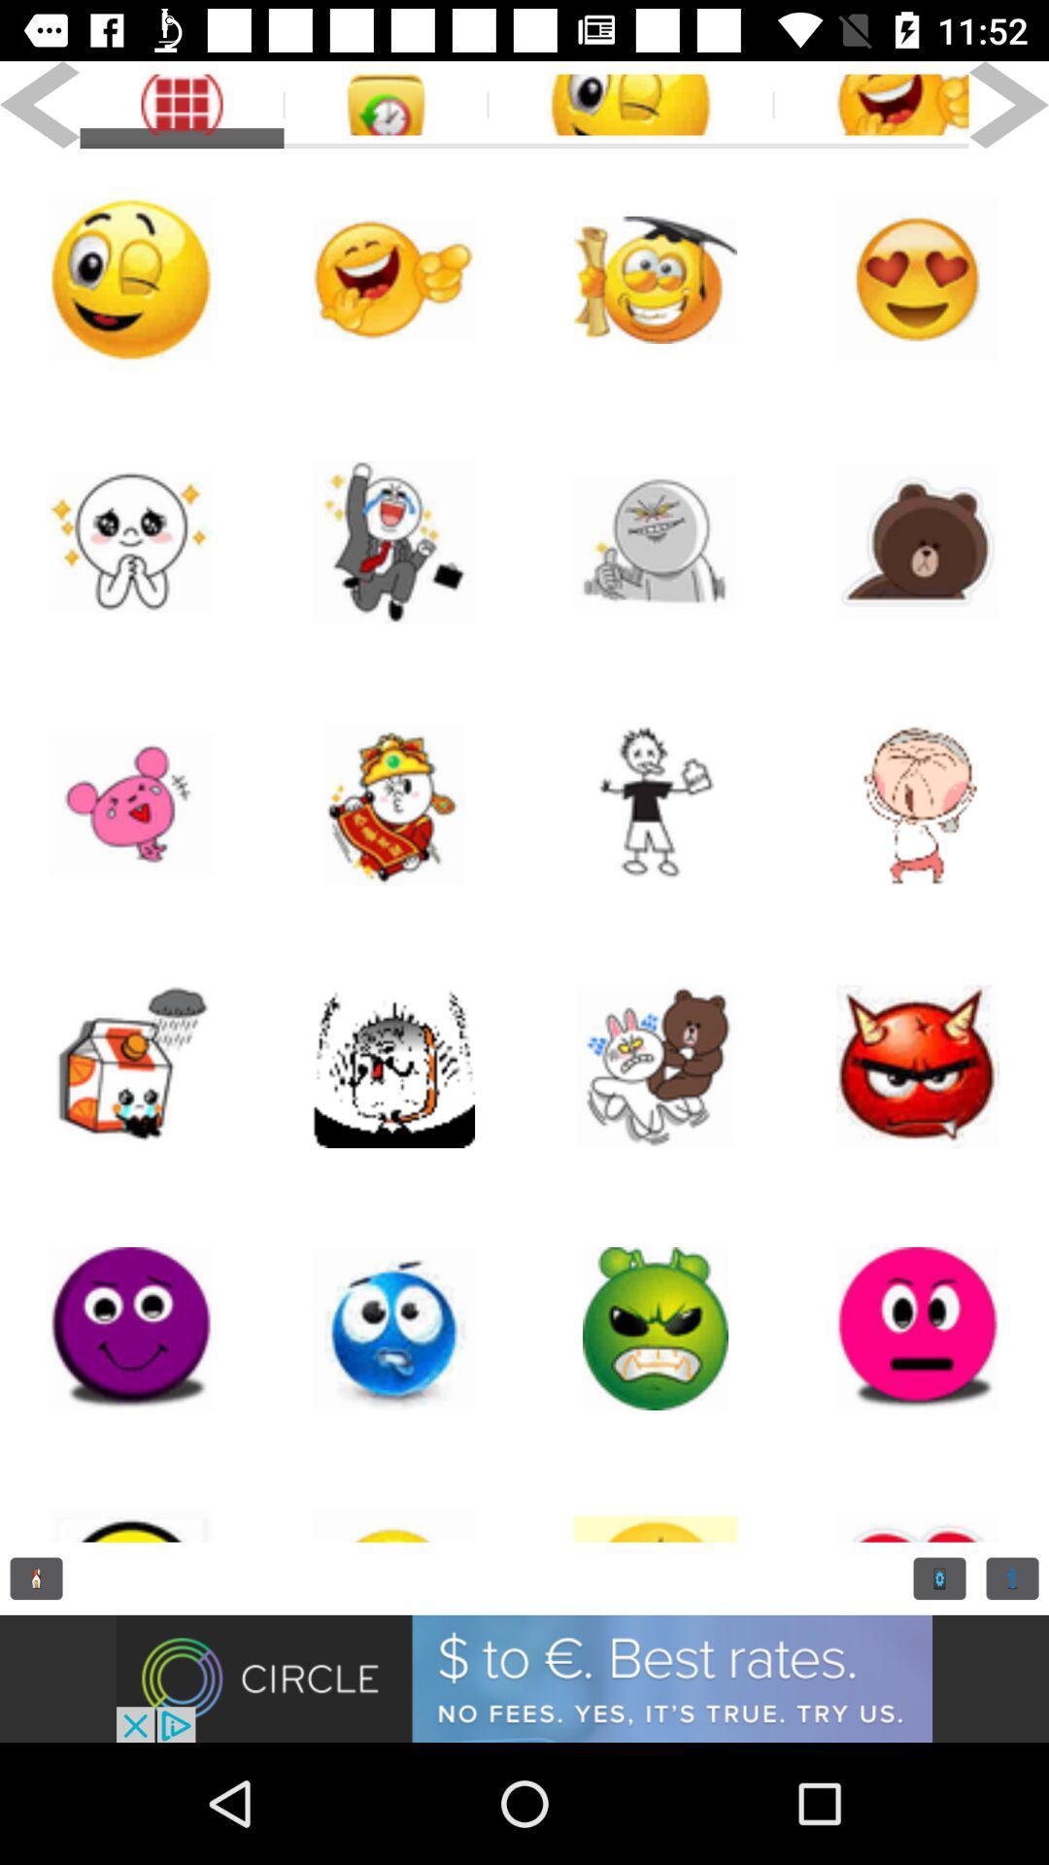  What do you see at coordinates (630, 104) in the screenshot?
I see `wink emoji` at bounding box center [630, 104].